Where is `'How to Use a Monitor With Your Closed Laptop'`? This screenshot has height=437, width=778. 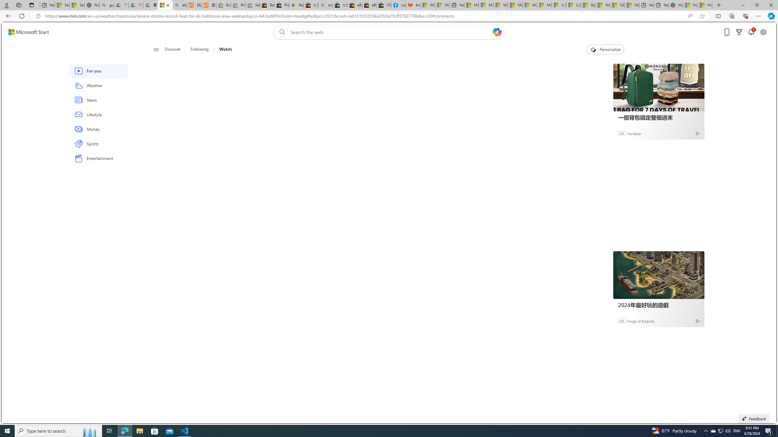 'How to Use a Monitor With Your Closed Laptop' is located at coordinates (705, 5).